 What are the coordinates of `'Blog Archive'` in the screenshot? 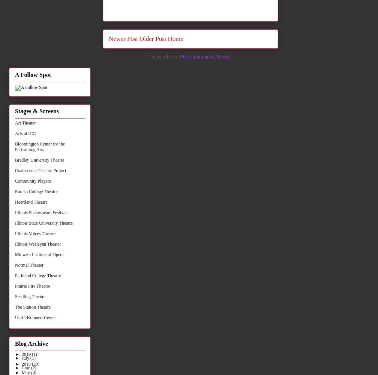 It's located at (31, 343).